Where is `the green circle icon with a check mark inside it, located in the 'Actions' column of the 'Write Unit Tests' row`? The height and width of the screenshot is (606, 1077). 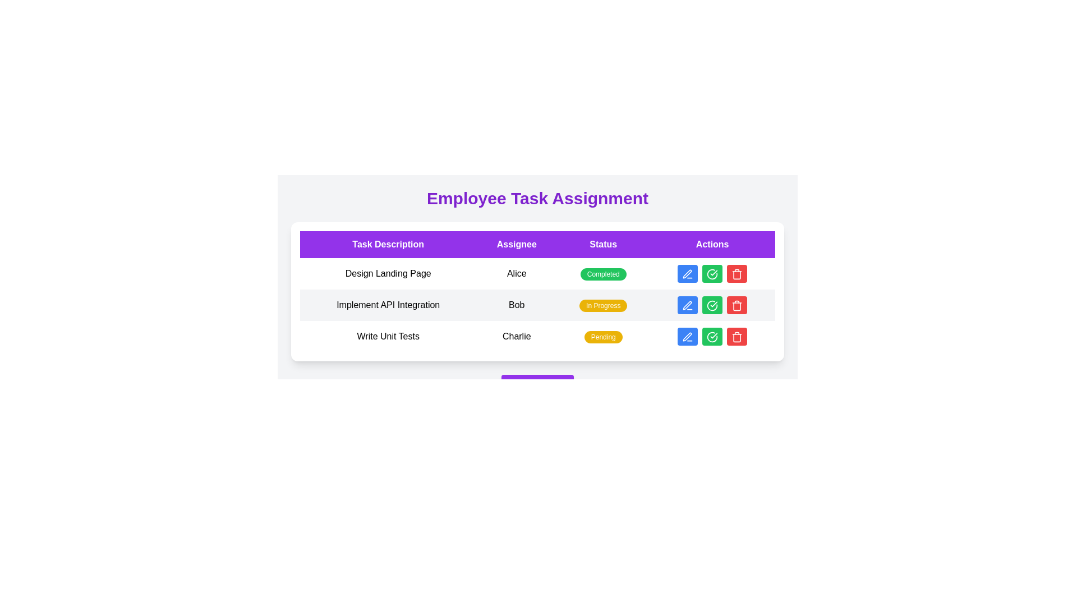 the green circle icon with a check mark inside it, located in the 'Actions' column of the 'Write Unit Tests' row is located at coordinates (712, 336).